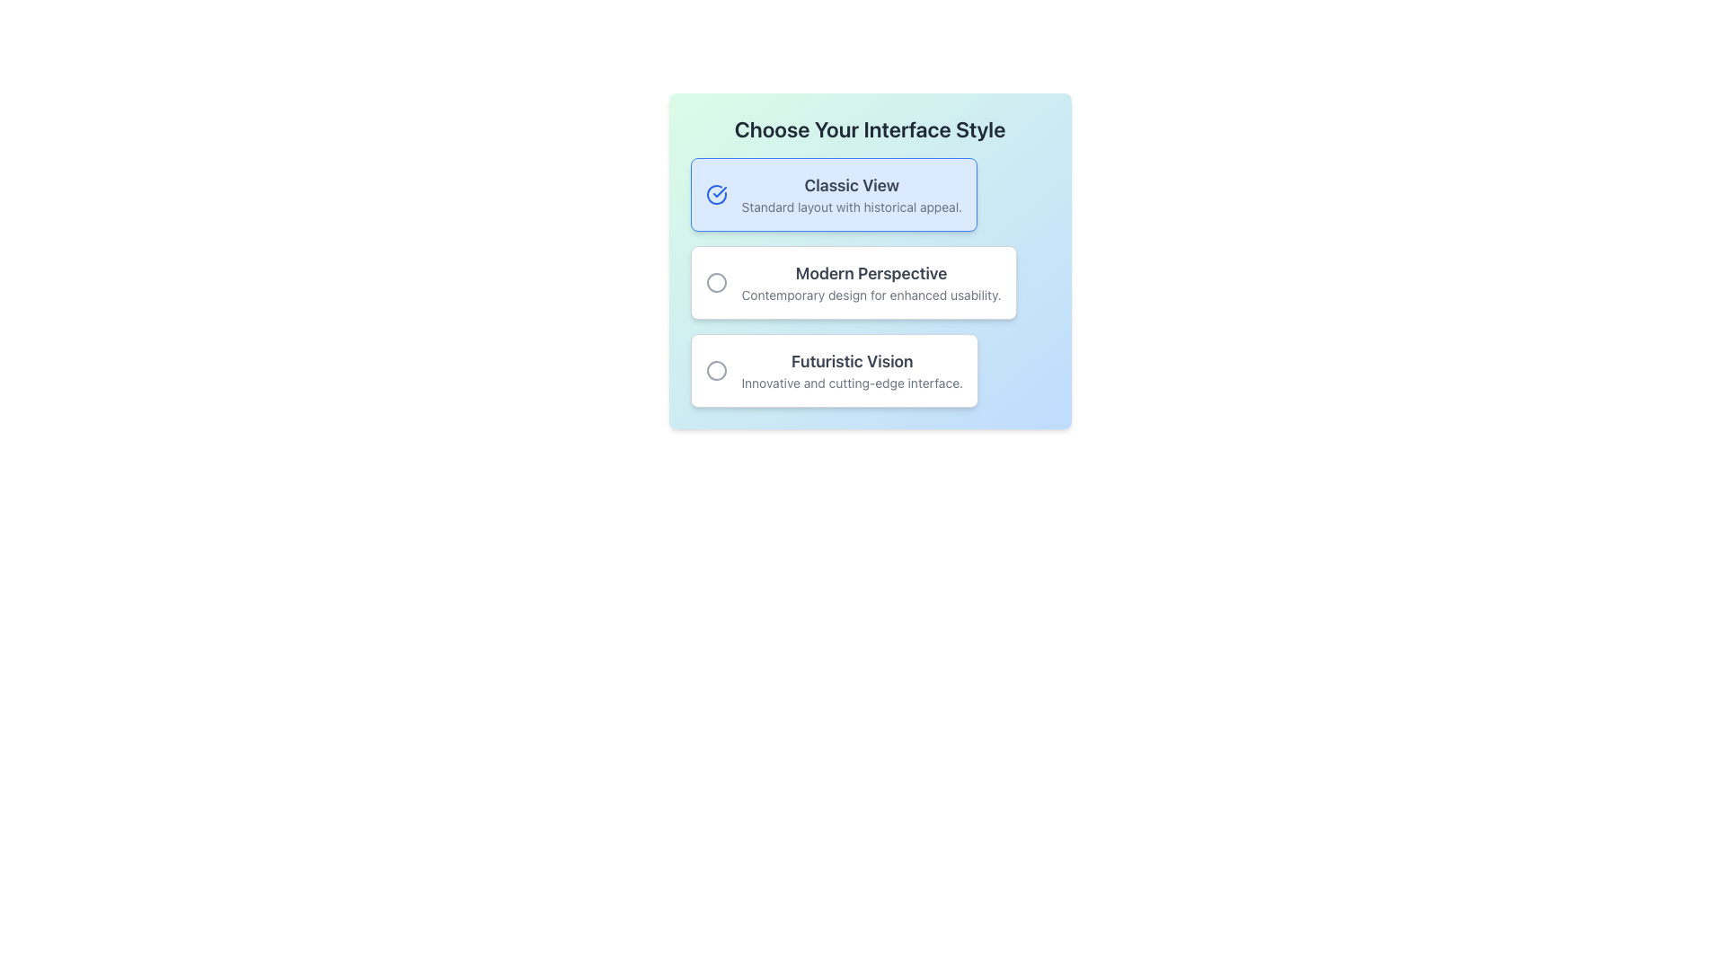 The width and height of the screenshot is (1725, 970). What do you see at coordinates (870, 260) in the screenshot?
I see `the 'Modern Perspective' radio button option, which is the second selectable option` at bounding box center [870, 260].